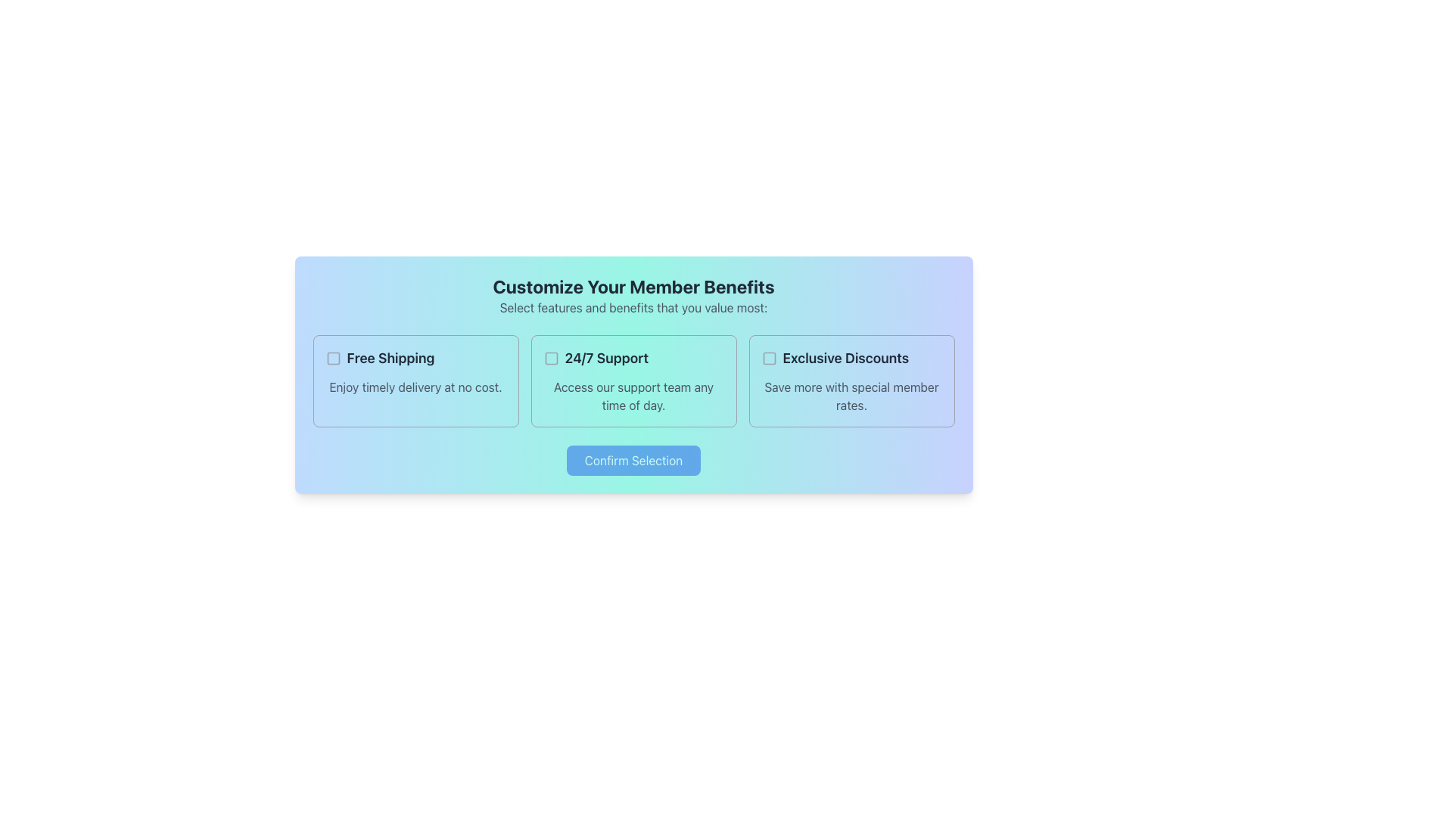 This screenshot has height=817, width=1453. I want to click on the text label reading 'Exclusive Discounts', which is styled with a bold, large font and dark gray color, located in the rightmost column of the member benefit selection options, so click(851, 359).